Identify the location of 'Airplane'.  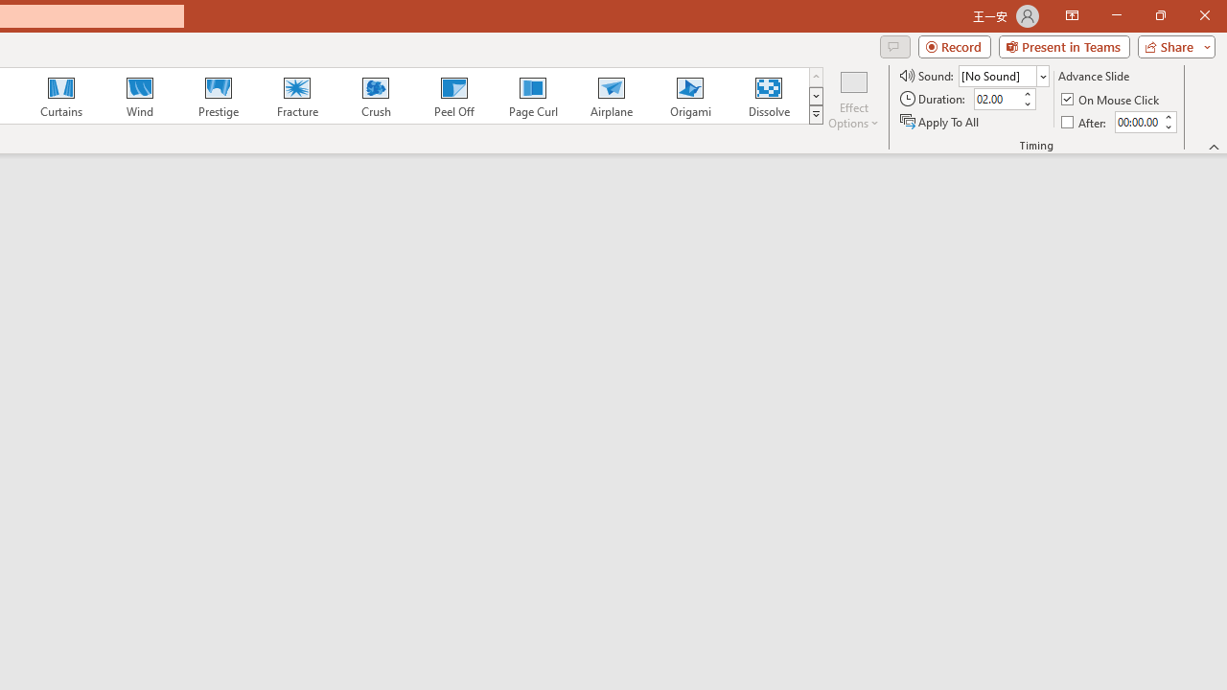
(610, 96).